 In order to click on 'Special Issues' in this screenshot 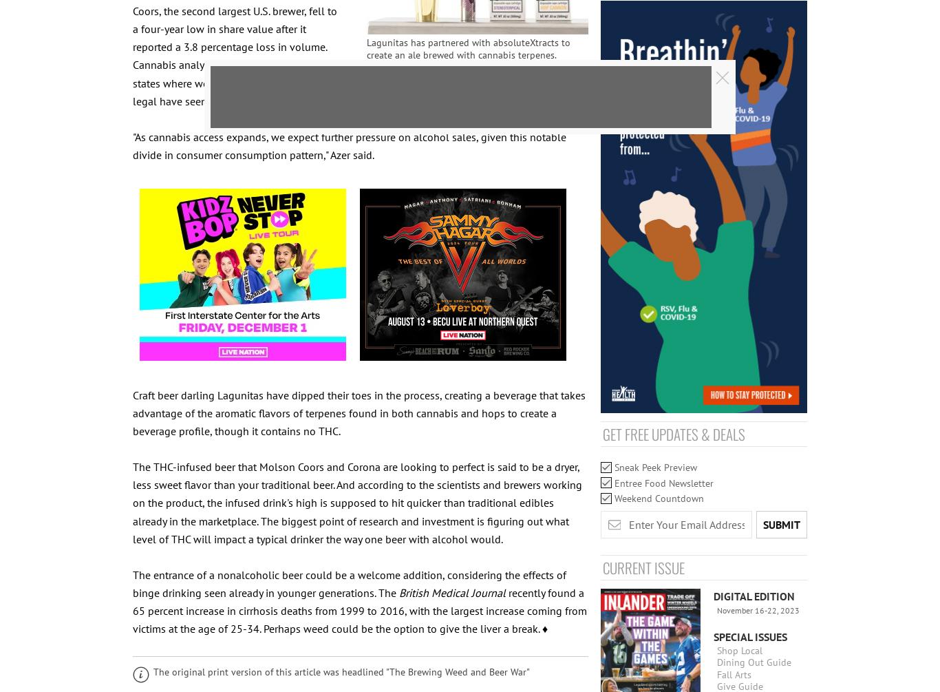, I will do `click(749, 636)`.